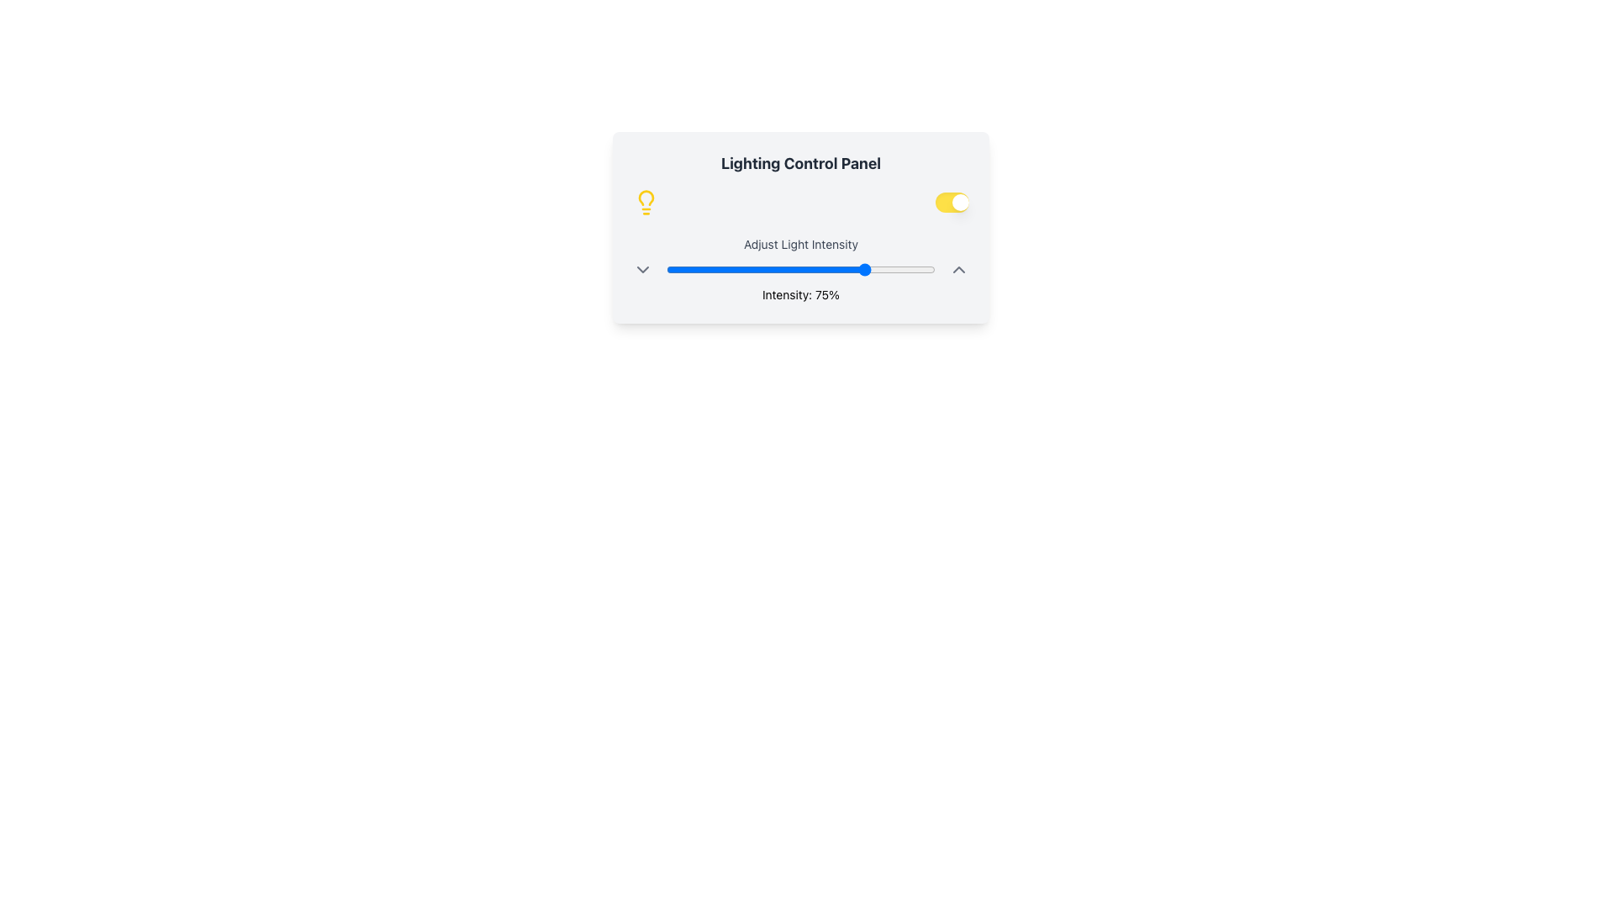 The width and height of the screenshot is (1614, 908). I want to click on light intensity, so click(757, 268).